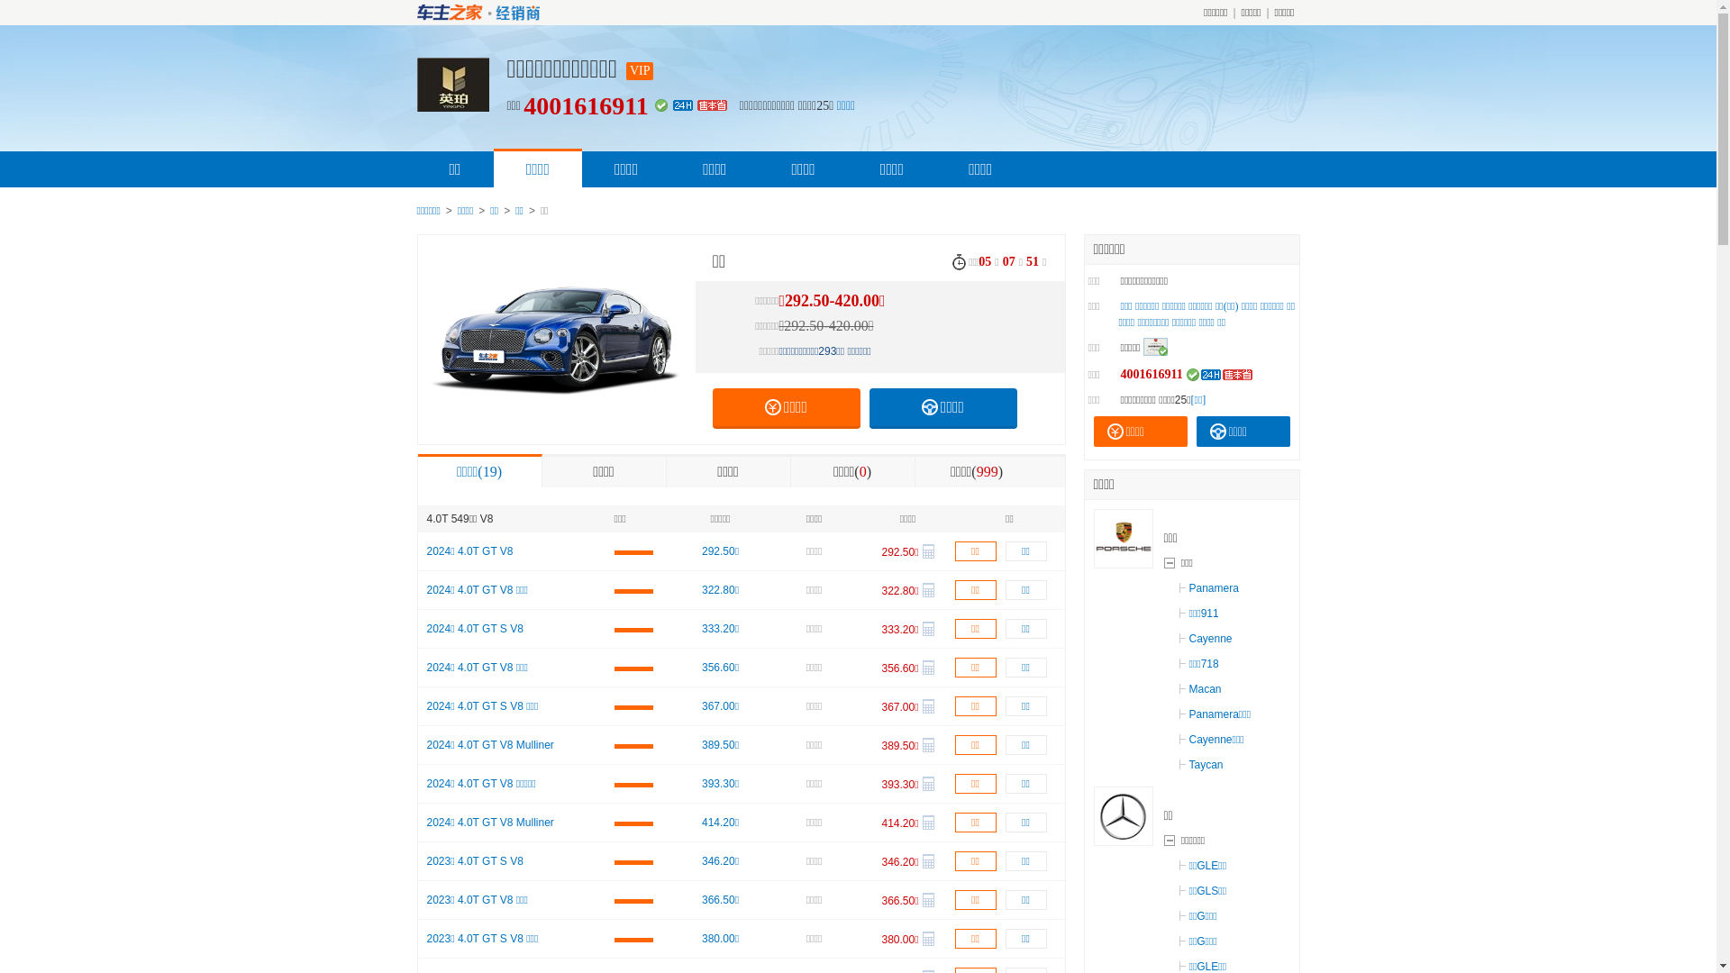  I want to click on 'Taycan', so click(1201, 764).